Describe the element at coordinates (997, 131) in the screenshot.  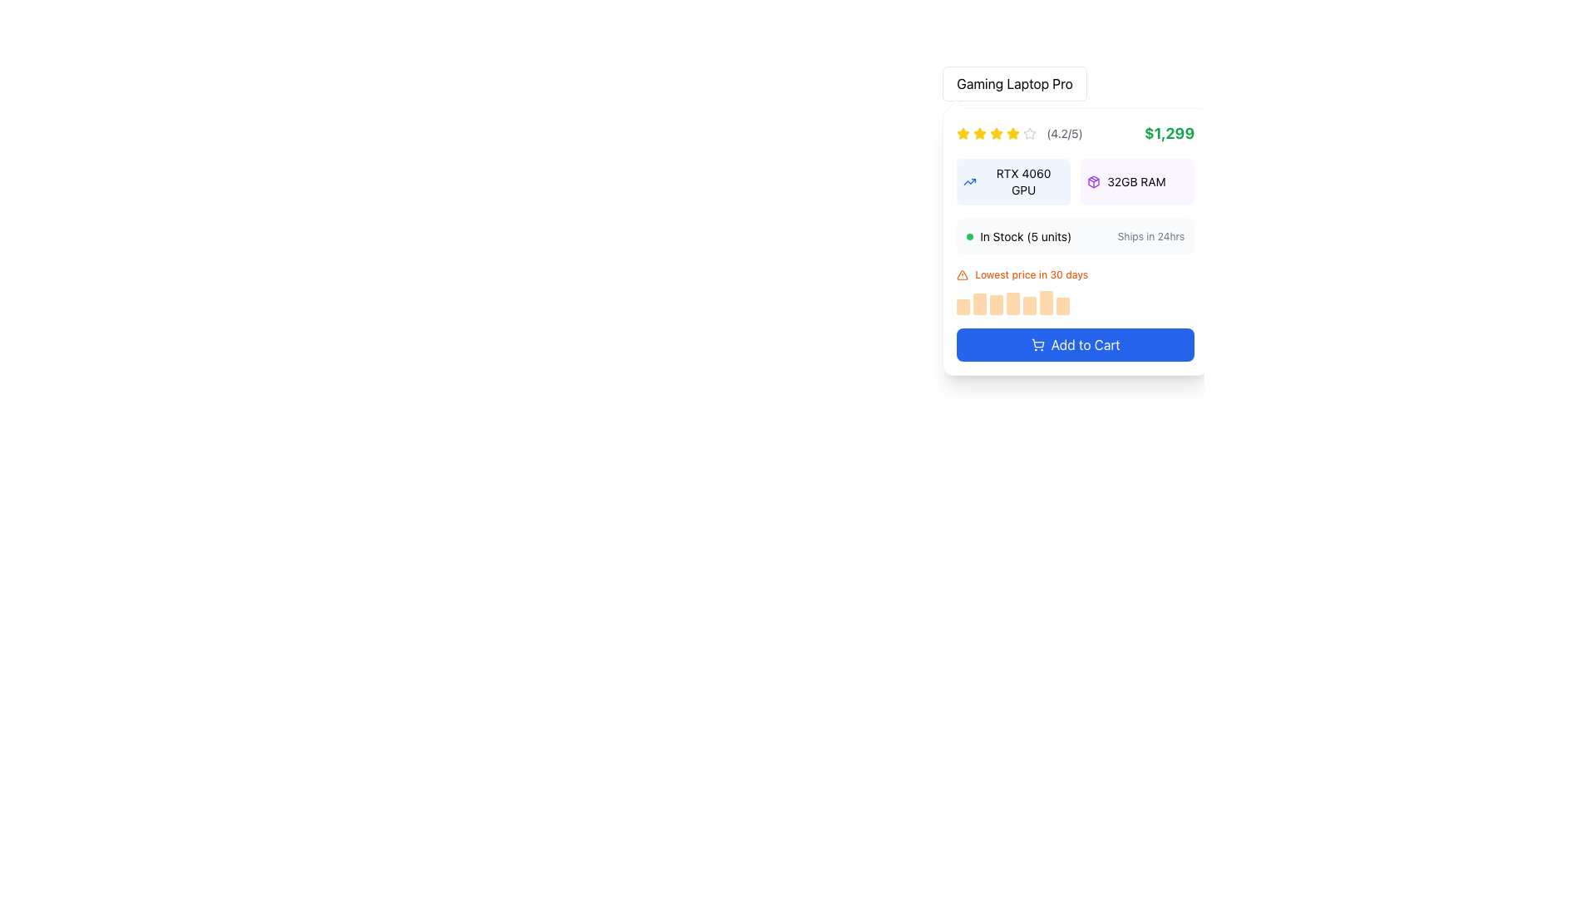
I see `the third star in the rating component, which serves as a visual cue for user reviews or ratings for the product` at that location.